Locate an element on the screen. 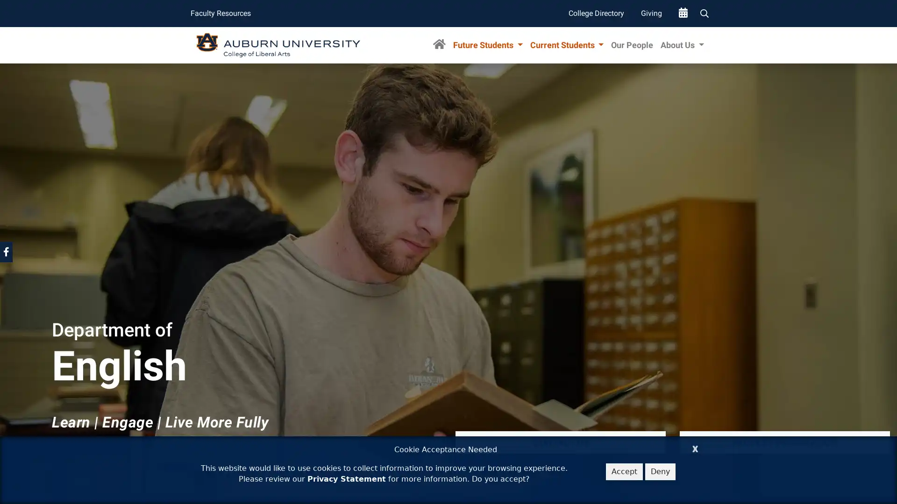 The width and height of the screenshot is (897, 504). Close Cookie Acceptance is located at coordinates (695, 447).